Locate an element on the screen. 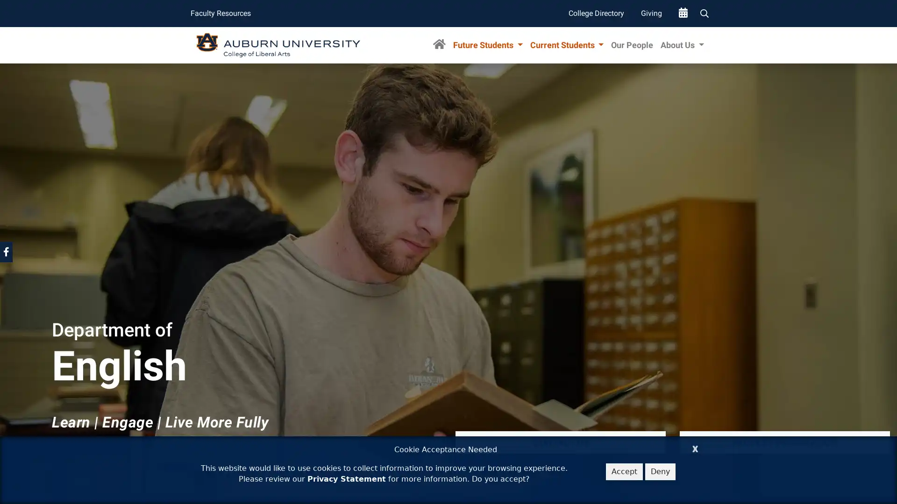 The width and height of the screenshot is (897, 504). Close Cookie Acceptance is located at coordinates (695, 447).